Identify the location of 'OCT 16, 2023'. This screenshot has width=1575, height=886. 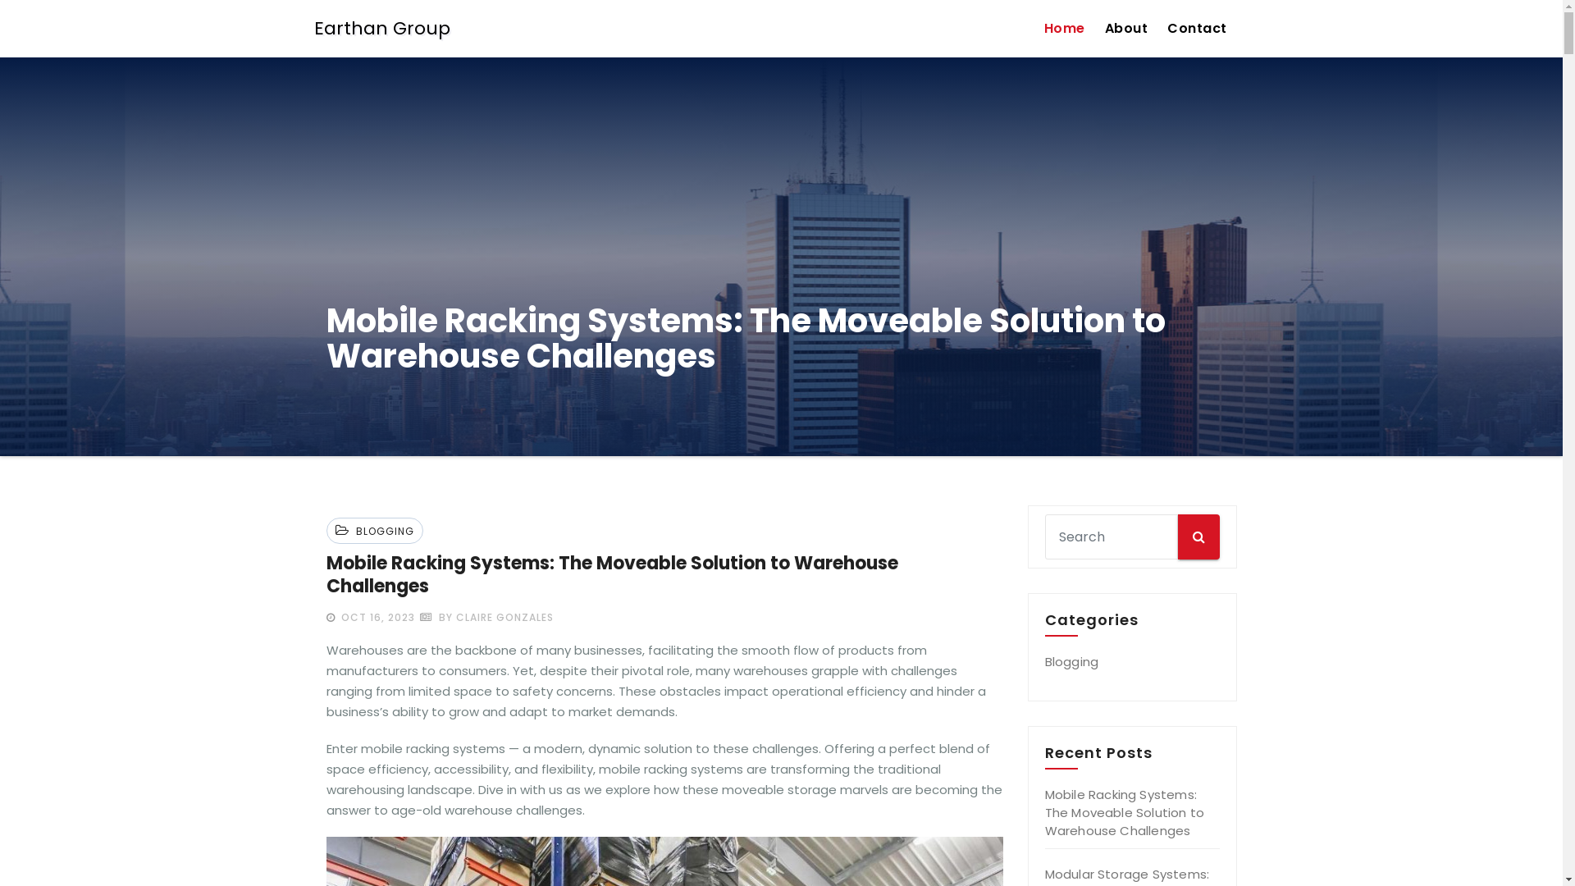
(376, 617).